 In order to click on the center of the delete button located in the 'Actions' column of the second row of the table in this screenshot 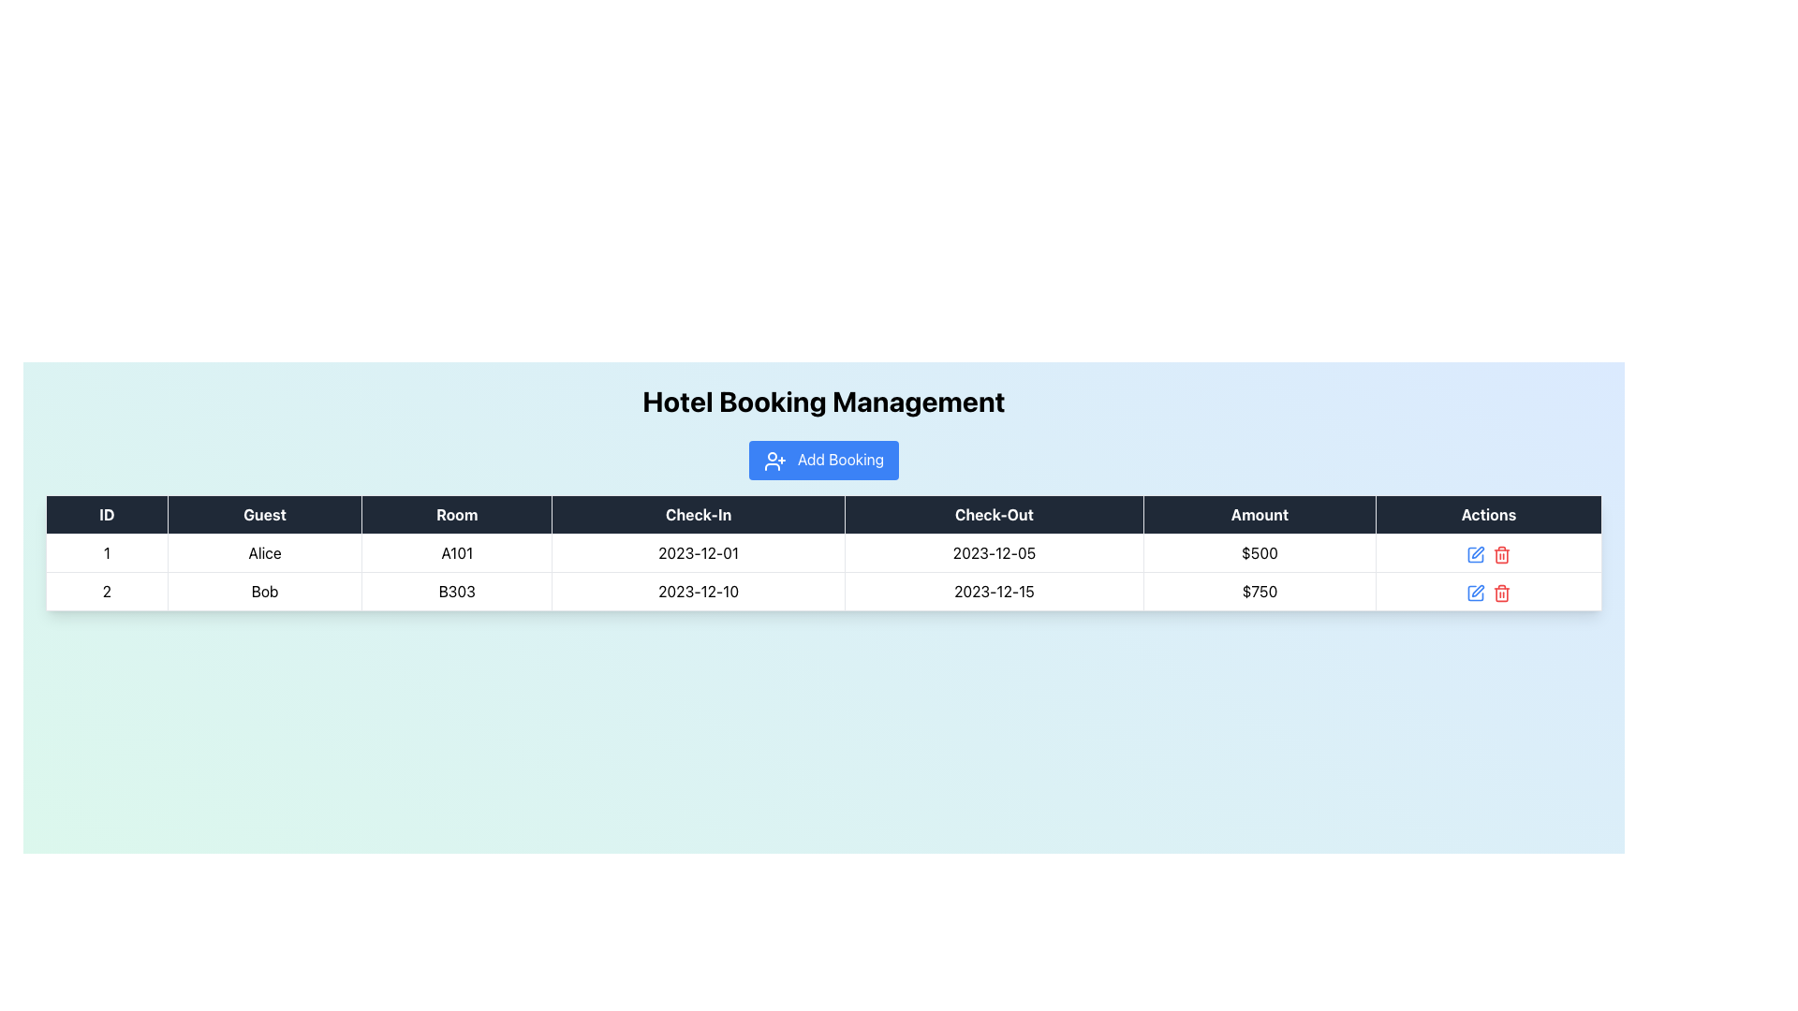, I will do `click(1501, 553)`.